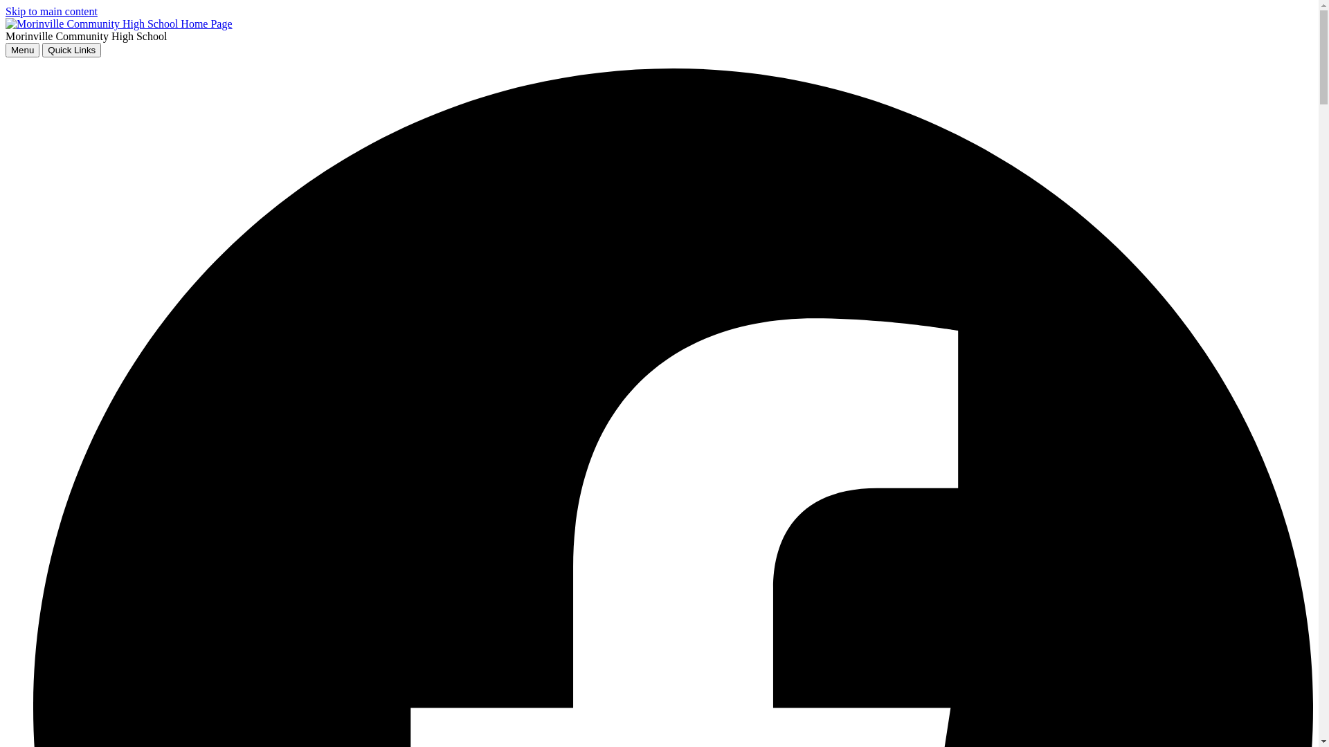  What do you see at coordinates (71, 49) in the screenshot?
I see `'Quick Links'` at bounding box center [71, 49].